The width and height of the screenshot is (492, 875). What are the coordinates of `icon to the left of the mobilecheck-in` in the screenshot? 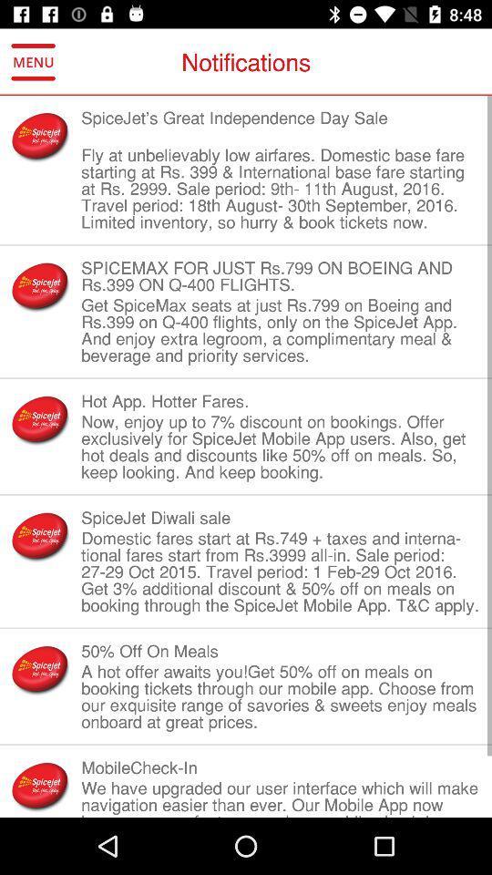 It's located at (40, 785).